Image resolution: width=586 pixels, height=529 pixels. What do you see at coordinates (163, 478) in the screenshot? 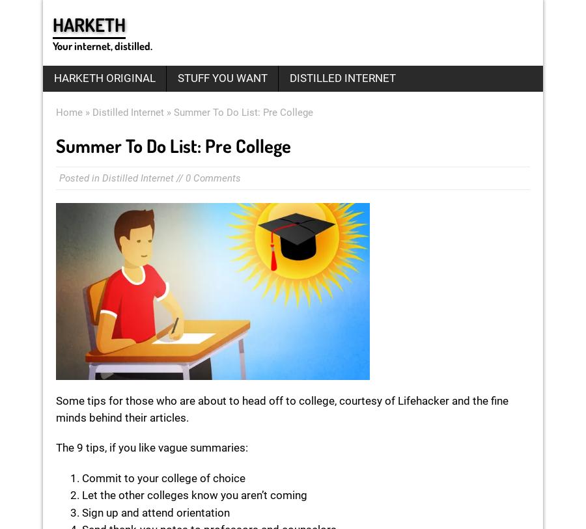
I see `'Commit to your college of choice'` at bounding box center [163, 478].